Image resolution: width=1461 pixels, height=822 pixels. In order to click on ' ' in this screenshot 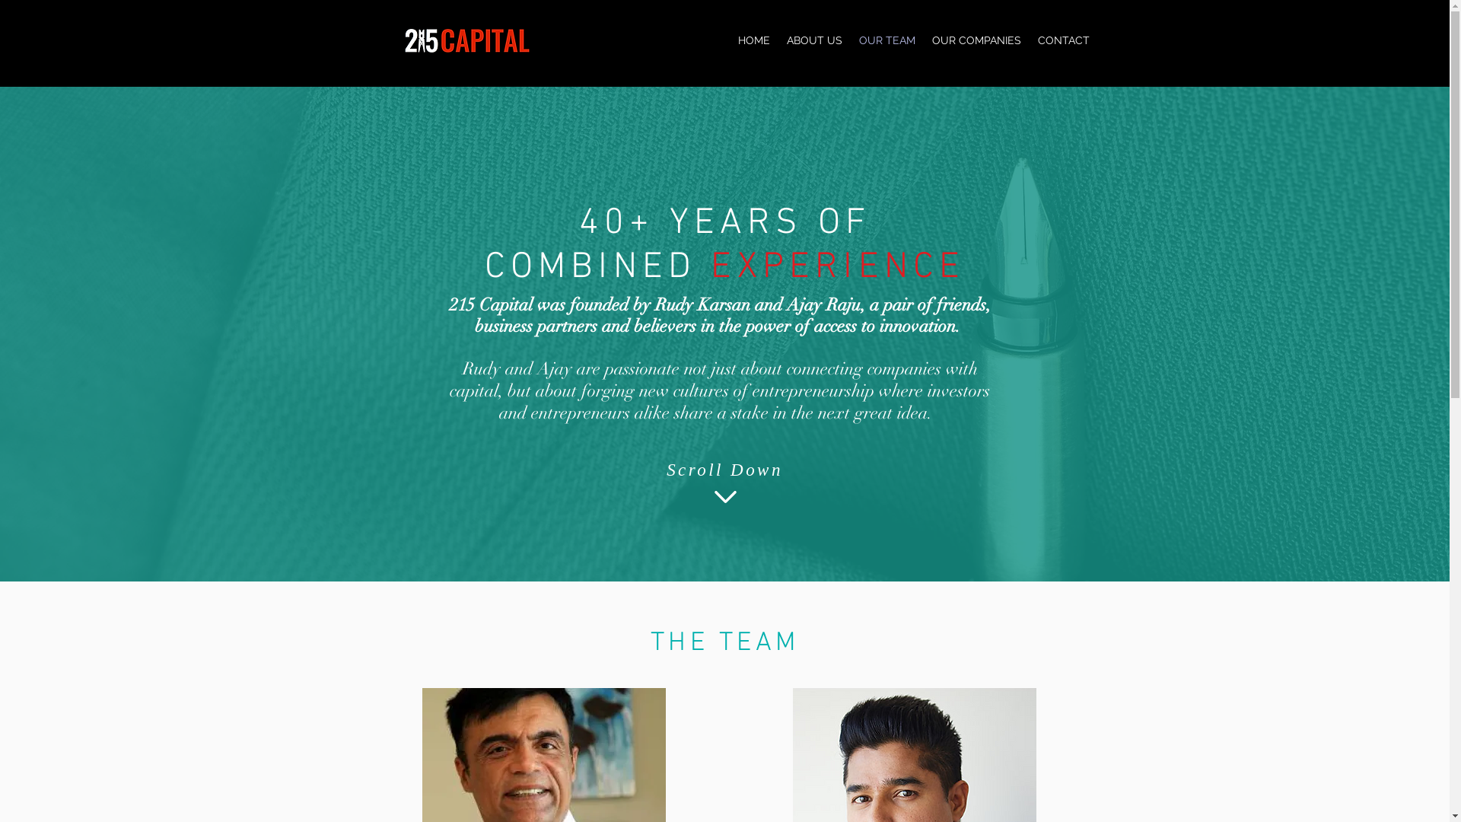, I will do `click(940, 58)`.